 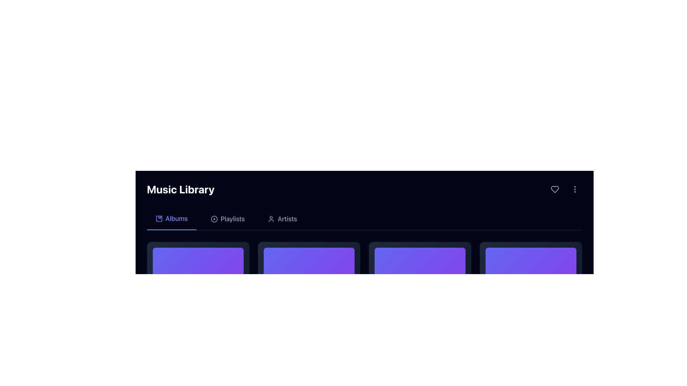 I want to click on the graphical rectangular element located under the 'Albums' section in the top left corner of the interface, so click(x=159, y=218).